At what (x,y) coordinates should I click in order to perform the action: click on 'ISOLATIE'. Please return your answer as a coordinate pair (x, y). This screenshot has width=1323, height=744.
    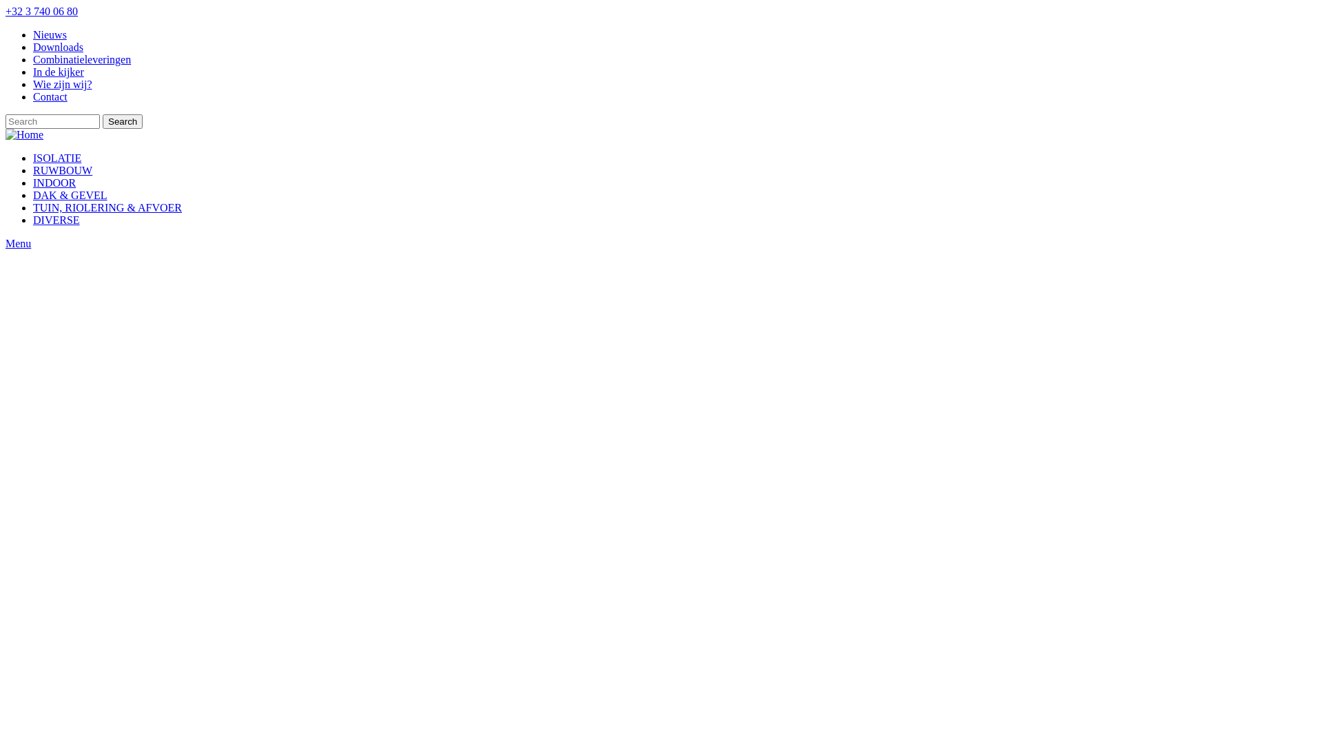
    Looking at the image, I should click on (56, 157).